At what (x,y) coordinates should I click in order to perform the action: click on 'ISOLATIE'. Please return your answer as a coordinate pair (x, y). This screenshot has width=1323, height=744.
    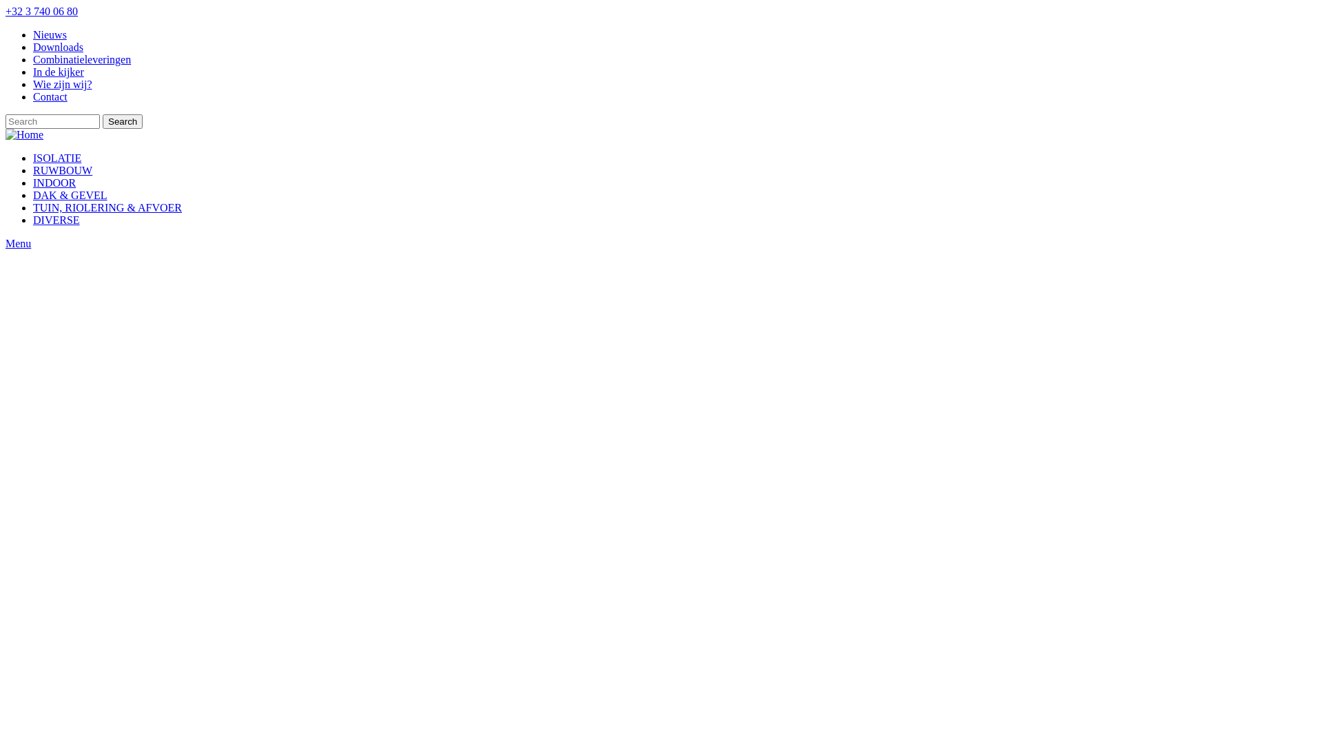
    Looking at the image, I should click on (56, 157).